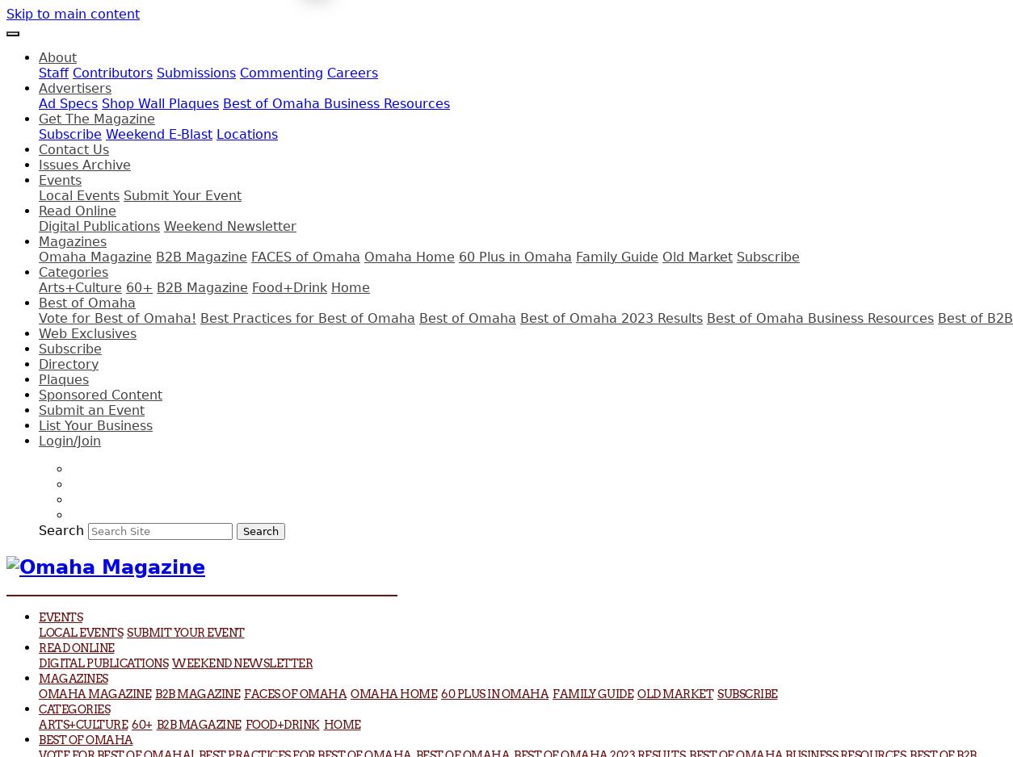 Image resolution: width=1013 pixels, height=757 pixels. Describe the element at coordinates (216, 134) in the screenshot. I see `'Locations'` at that location.